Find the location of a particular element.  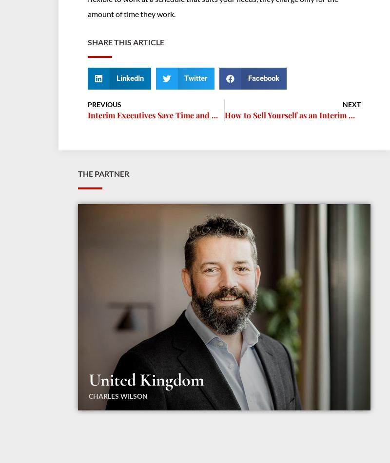

'How to Sell Yourself as an Interim Manager' is located at coordinates (302, 114).